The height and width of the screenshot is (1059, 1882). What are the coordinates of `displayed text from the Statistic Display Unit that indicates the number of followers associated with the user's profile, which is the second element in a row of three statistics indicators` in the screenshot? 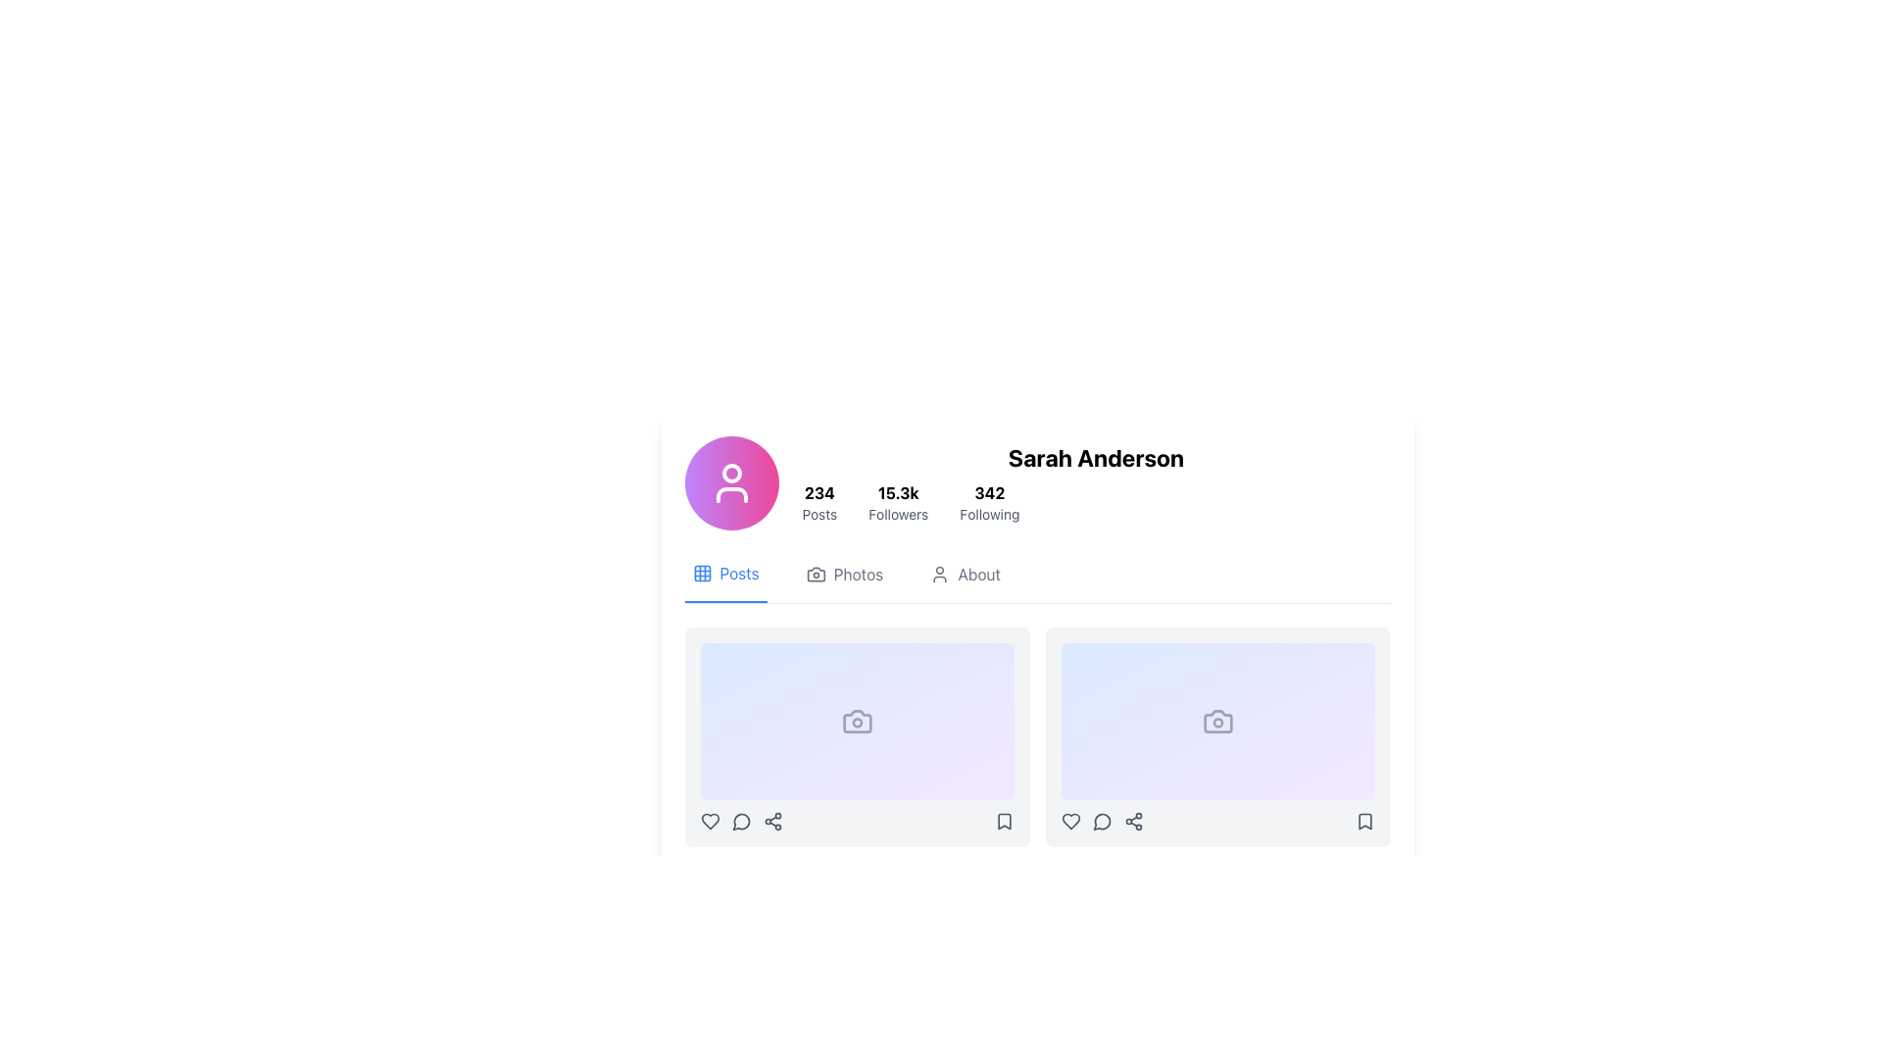 It's located at (897, 502).